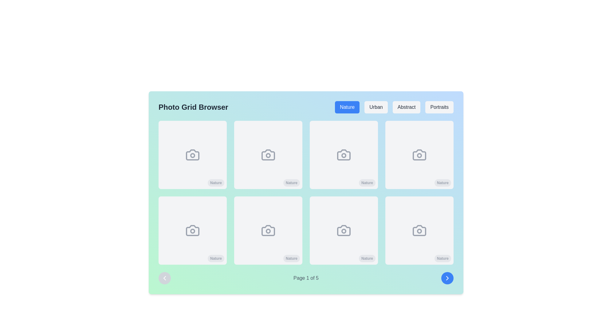 The height and width of the screenshot is (332, 590). What do you see at coordinates (268, 155) in the screenshot?
I see `the 'Nature' Card, which is the second item in the first row of a grid layout` at bounding box center [268, 155].